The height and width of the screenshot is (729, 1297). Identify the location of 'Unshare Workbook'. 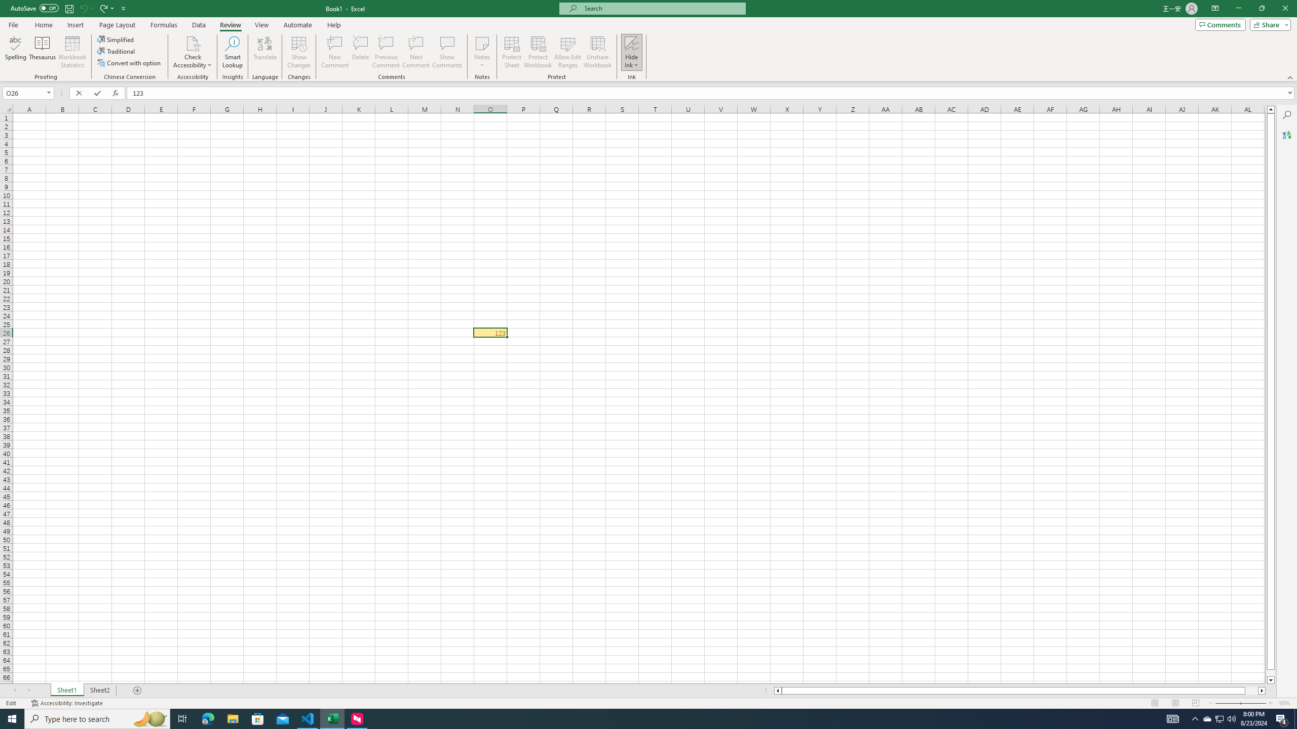
(597, 52).